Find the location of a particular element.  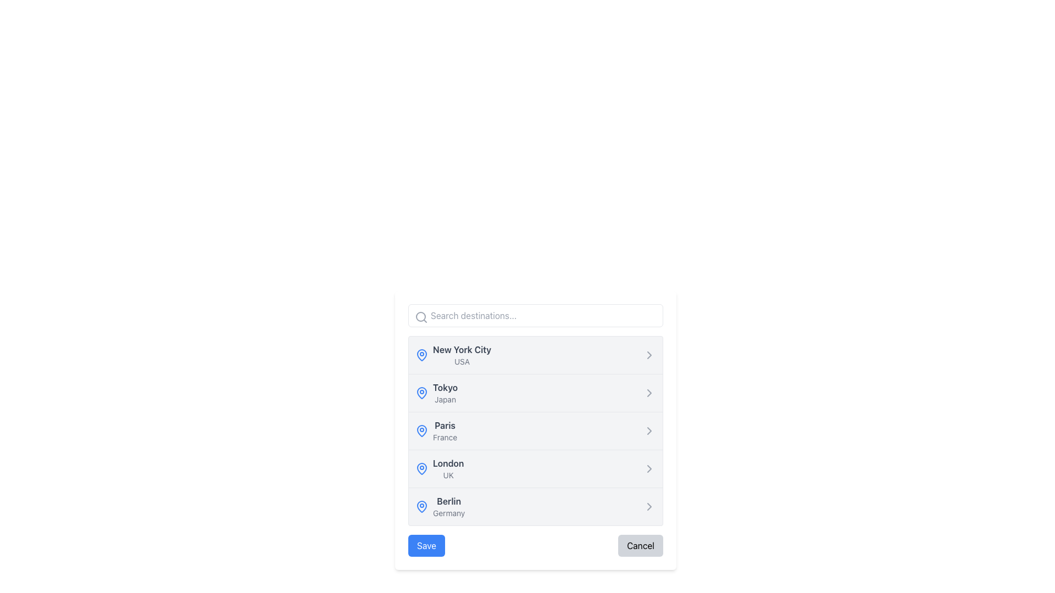

the circular component of the SVG icon located at the left side of the 'Search destinations...' box is located at coordinates (420, 317).